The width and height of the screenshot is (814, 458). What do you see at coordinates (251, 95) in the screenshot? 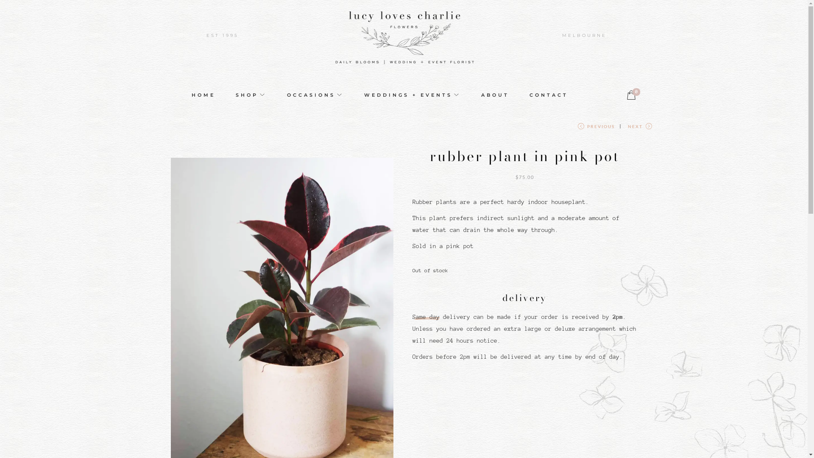
I see `'SHOP'` at bounding box center [251, 95].